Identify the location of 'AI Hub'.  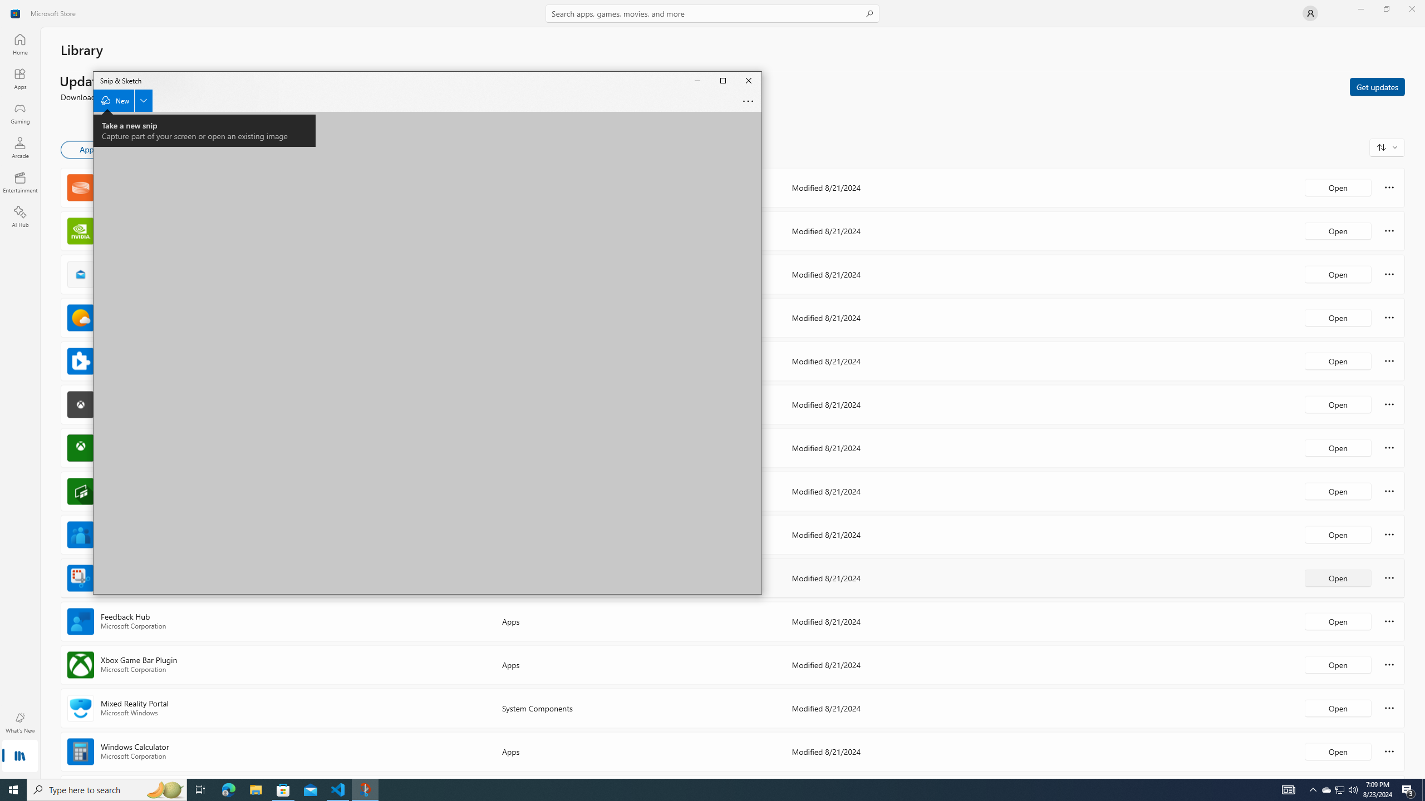
(19, 216).